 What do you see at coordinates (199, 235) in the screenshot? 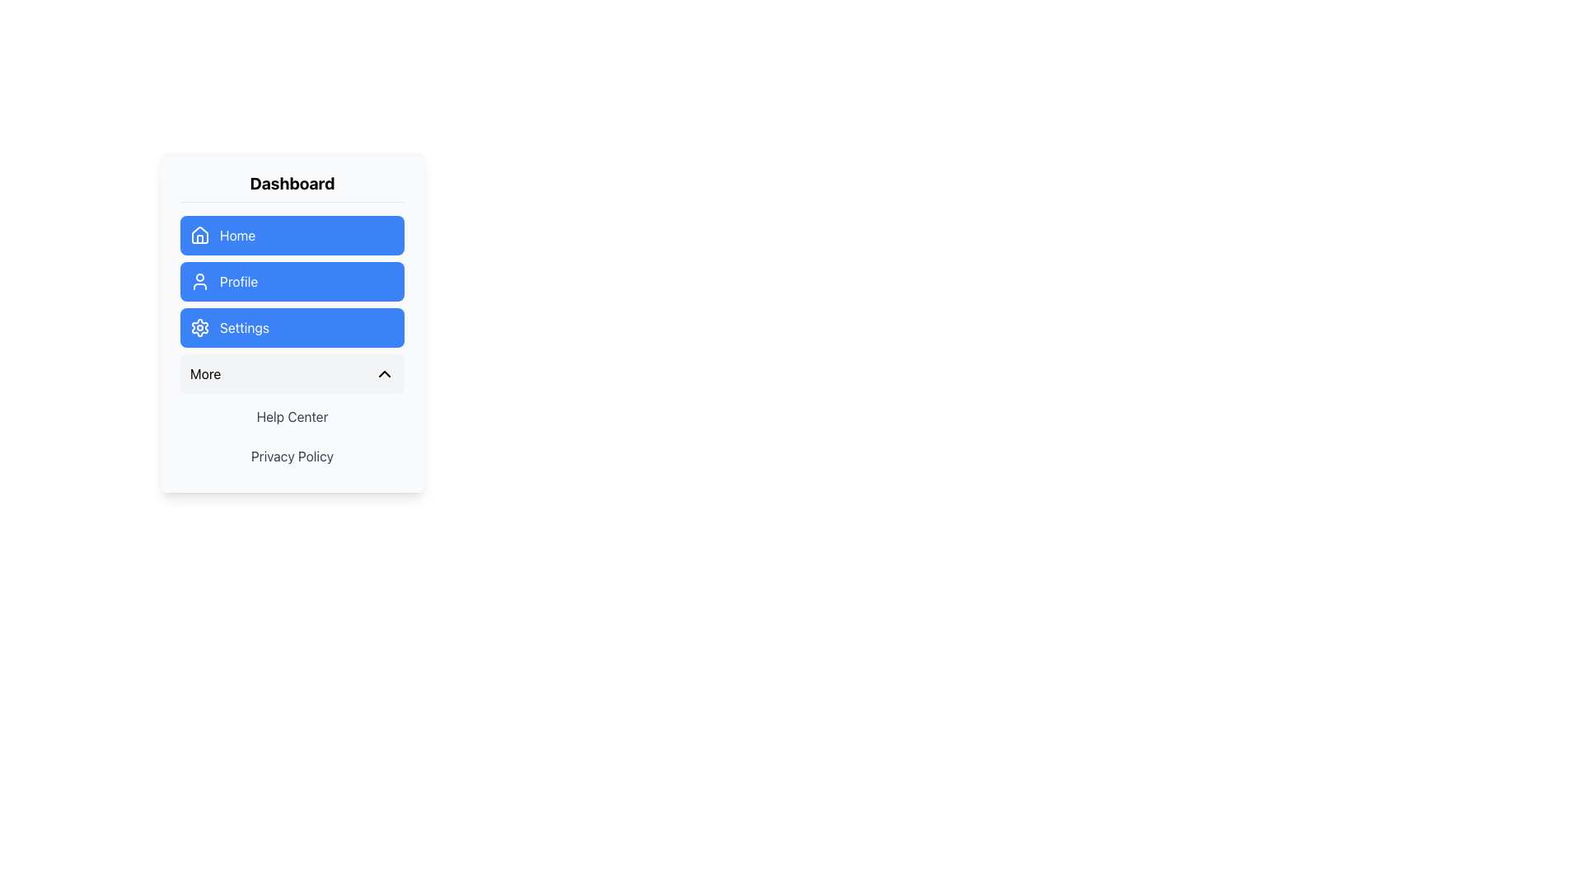
I see `the stylized house icon located inside the blue 'Home' button in the left navigation menu` at bounding box center [199, 235].